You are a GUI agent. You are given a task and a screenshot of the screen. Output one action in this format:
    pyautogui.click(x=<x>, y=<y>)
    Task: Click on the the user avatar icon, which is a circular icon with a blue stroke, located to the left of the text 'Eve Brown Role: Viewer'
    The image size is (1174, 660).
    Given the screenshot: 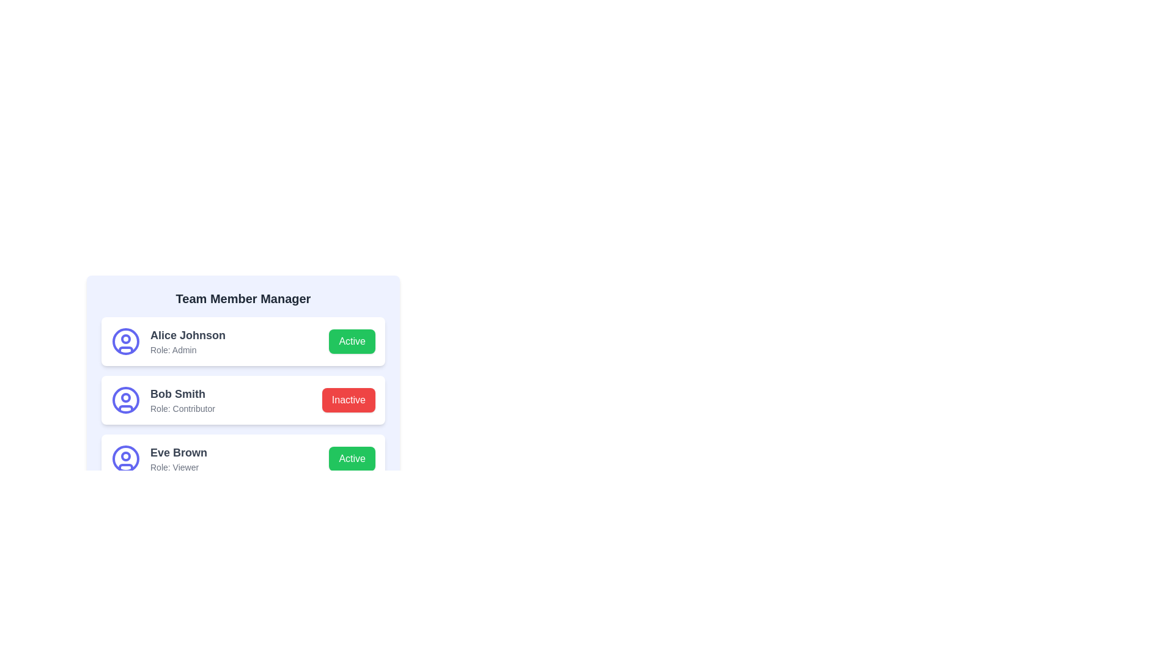 What is the action you would take?
    pyautogui.click(x=126, y=459)
    